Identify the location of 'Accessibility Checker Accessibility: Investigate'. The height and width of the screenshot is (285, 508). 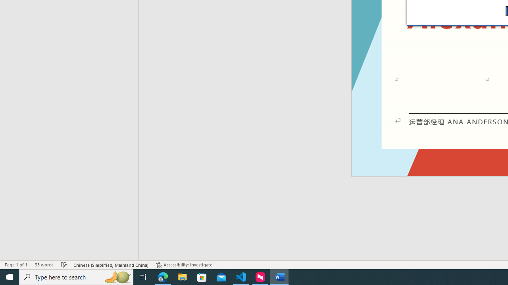
(184, 265).